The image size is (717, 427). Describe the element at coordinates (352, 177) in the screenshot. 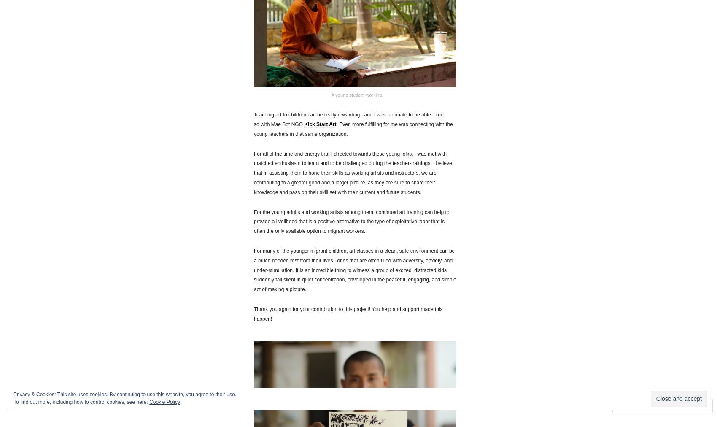

I see `'I believe that in assisting them to hone their skills as working artists and instructors, we are contributing to a greater good and a larger picture, as they are sure to share their knowledge and pass on their skill set with their current and future students.'` at that location.